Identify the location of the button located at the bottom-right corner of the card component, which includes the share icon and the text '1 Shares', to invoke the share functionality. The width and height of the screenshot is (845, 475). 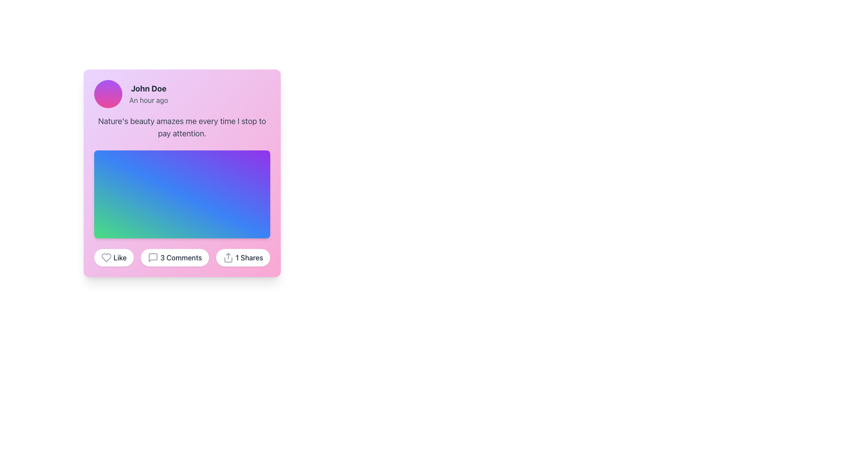
(228, 257).